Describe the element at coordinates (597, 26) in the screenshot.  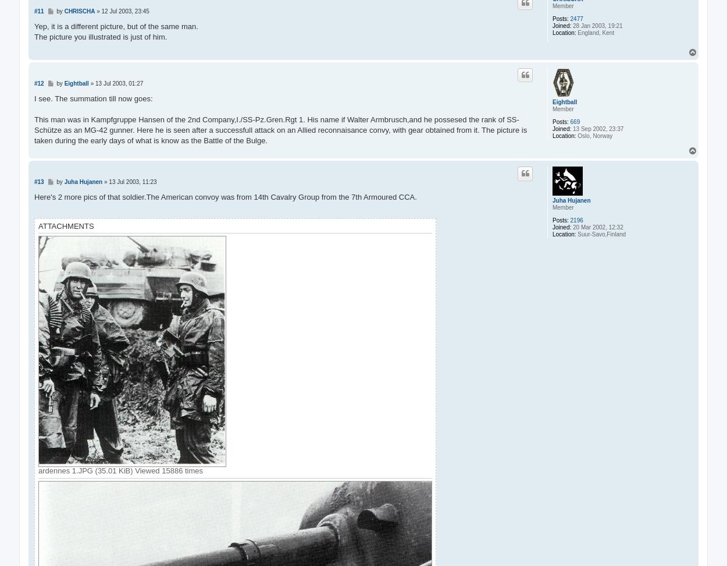
I see `'28 Jan 2003, 19:21'` at that location.